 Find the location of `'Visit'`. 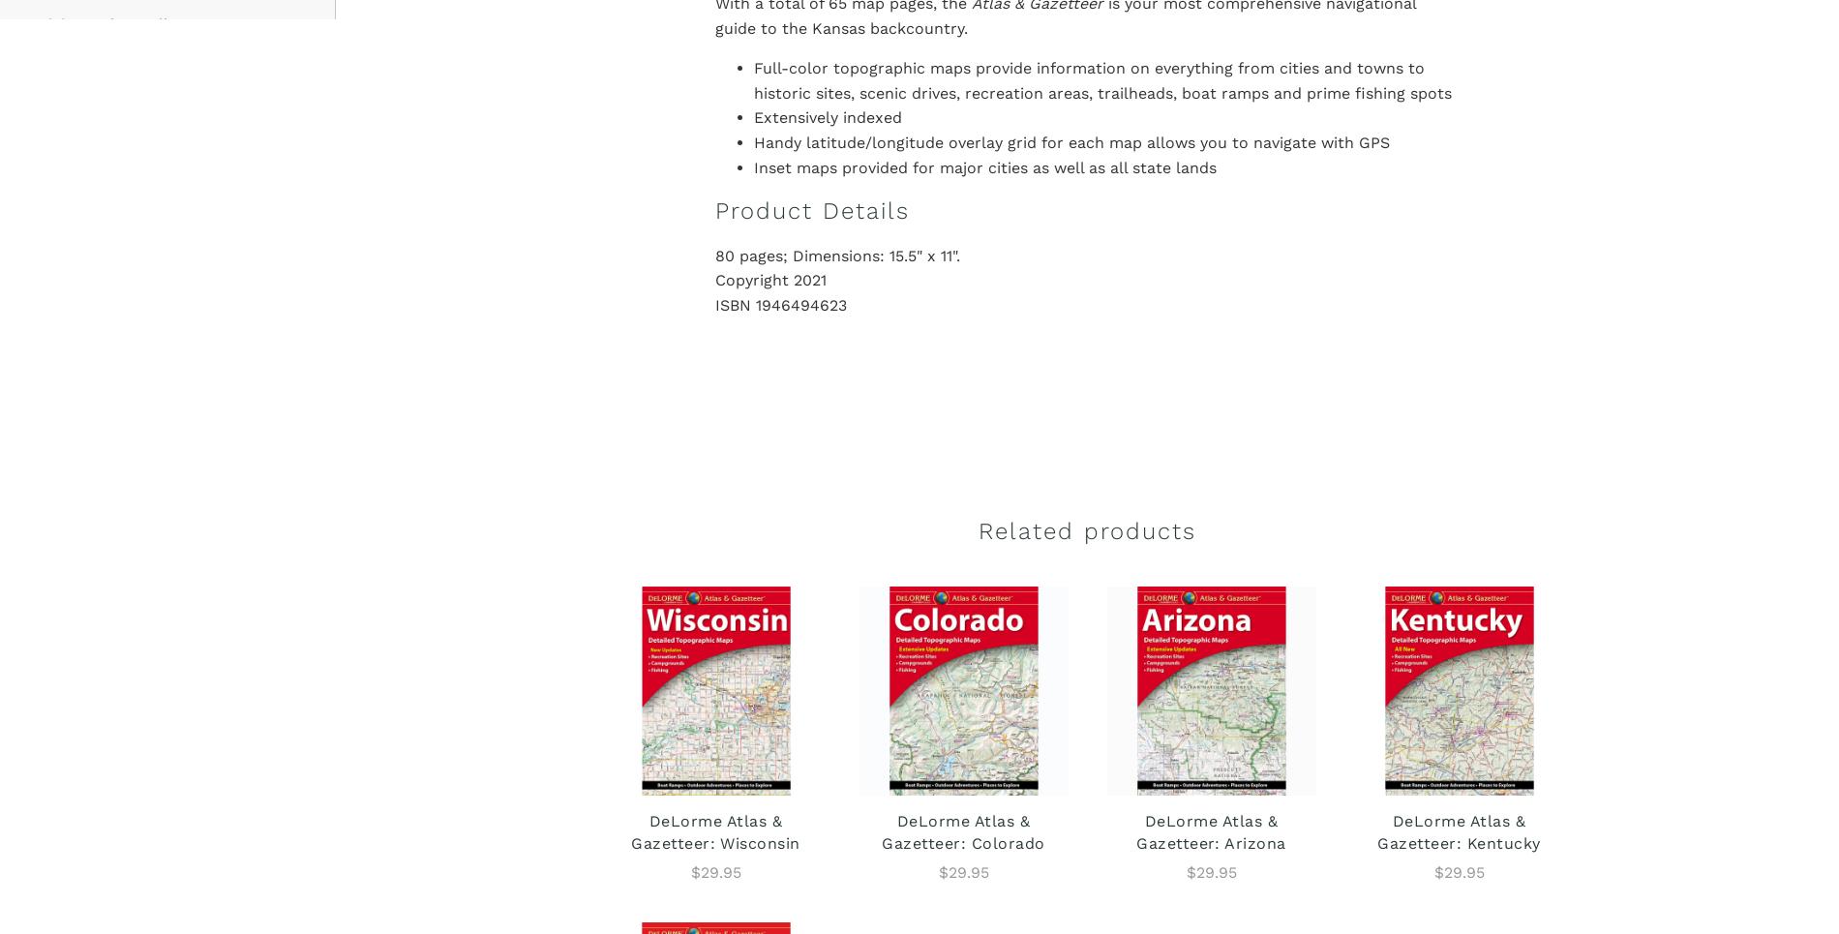

'Visit' is located at coordinates (58, 23).